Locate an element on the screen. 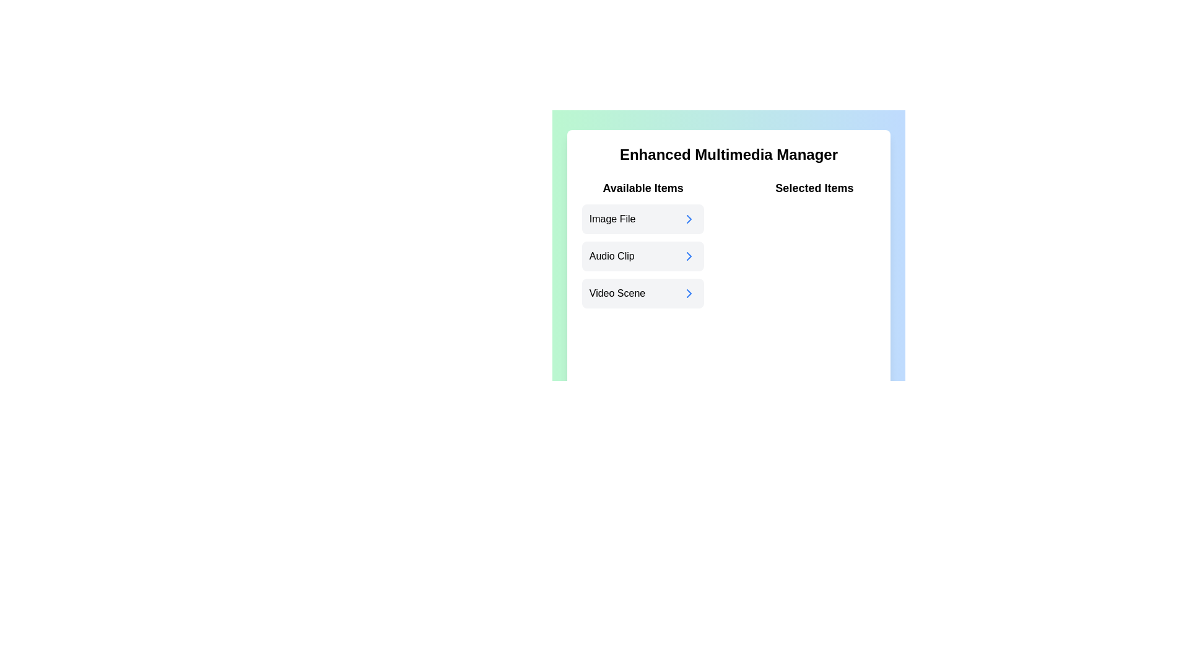 The width and height of the screenshot is (1189, 669). the Chevron icon located on the right side of the 'Audio Clip' group is located at coordinates (689, 255).